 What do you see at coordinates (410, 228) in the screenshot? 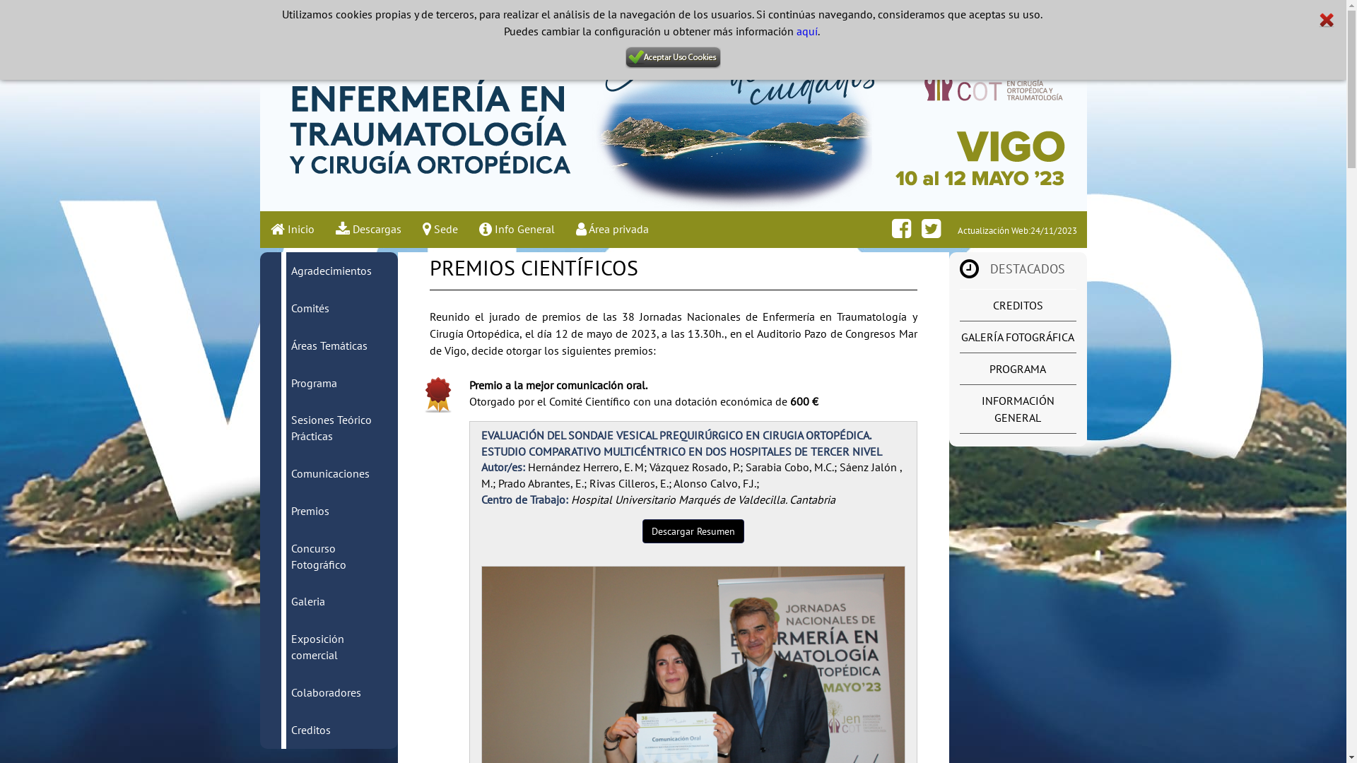
I see `'Sede'` at bounding box center [410, 228].